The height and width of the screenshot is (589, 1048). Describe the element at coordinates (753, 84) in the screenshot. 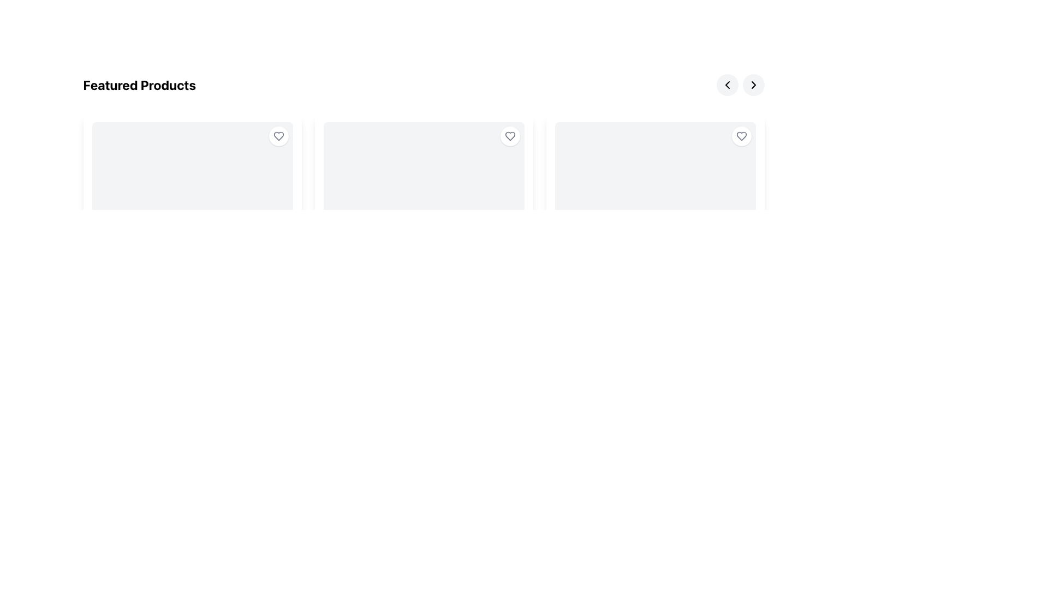

I see `the right-pointing arrow icon located within a circular button in the upper-right corner of the interface` at that location.